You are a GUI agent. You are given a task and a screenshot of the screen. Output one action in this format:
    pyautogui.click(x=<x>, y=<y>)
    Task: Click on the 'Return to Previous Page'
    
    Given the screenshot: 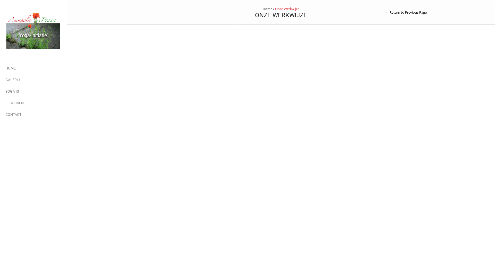 What is the action you would take?
    pyautogui.click(x=406, y=12)
    